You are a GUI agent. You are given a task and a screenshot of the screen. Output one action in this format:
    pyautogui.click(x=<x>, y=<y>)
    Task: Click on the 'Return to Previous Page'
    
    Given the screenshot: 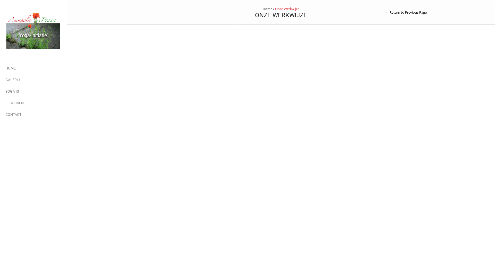 What is the action you would take?
    pyautogui.click(x=406, y=12)
    